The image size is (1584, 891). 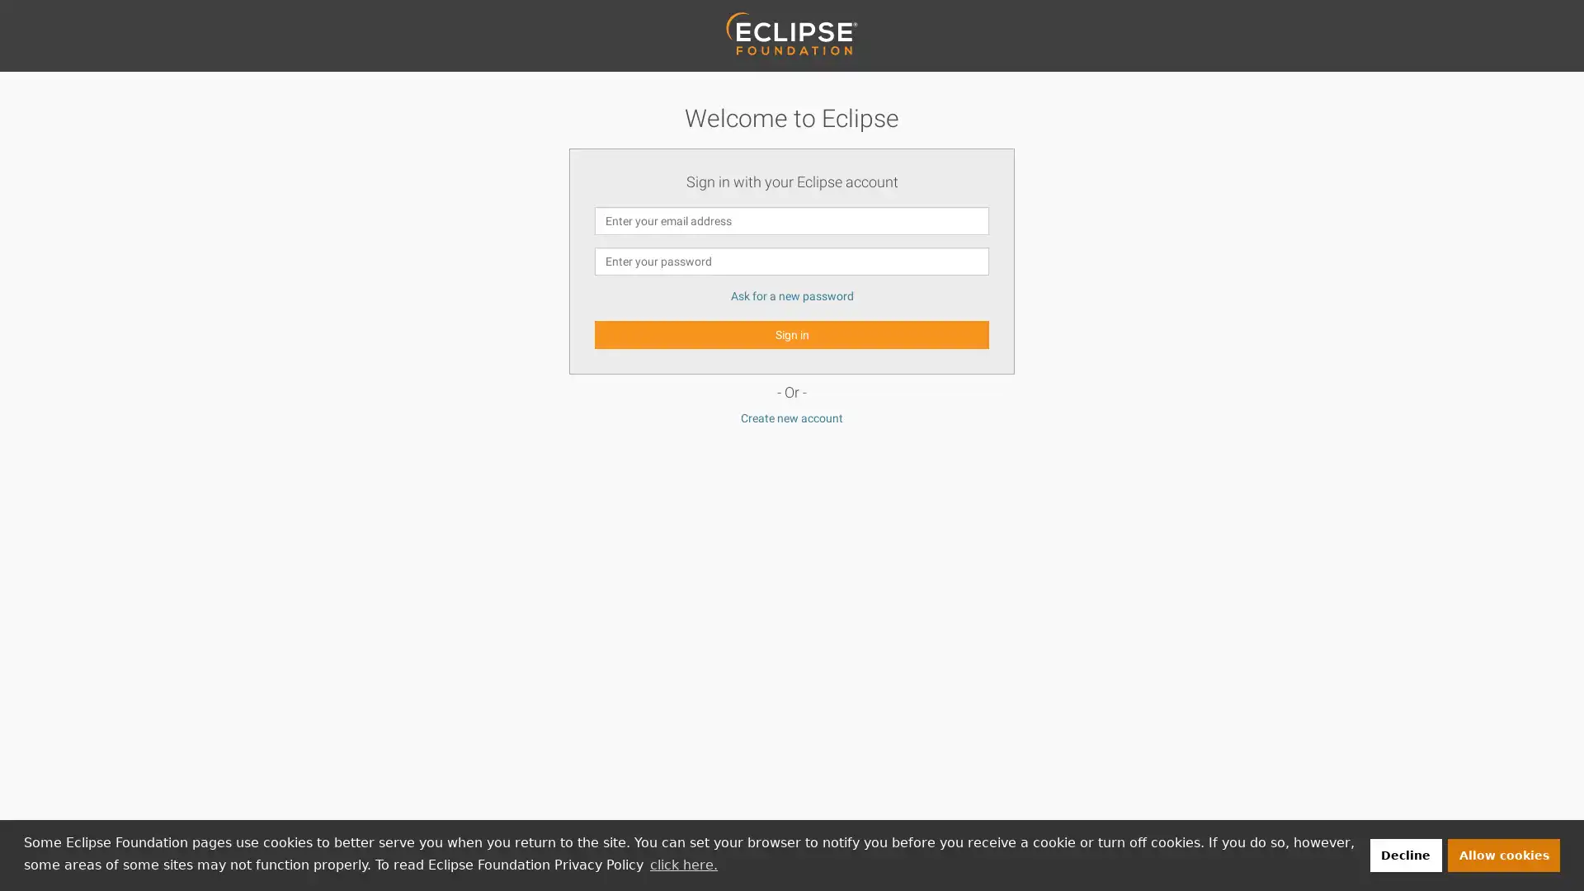 What do you see at coordinates (1504, 854) in the screenshot?
I see `allow cookies` at bounding box center [1504, 854].